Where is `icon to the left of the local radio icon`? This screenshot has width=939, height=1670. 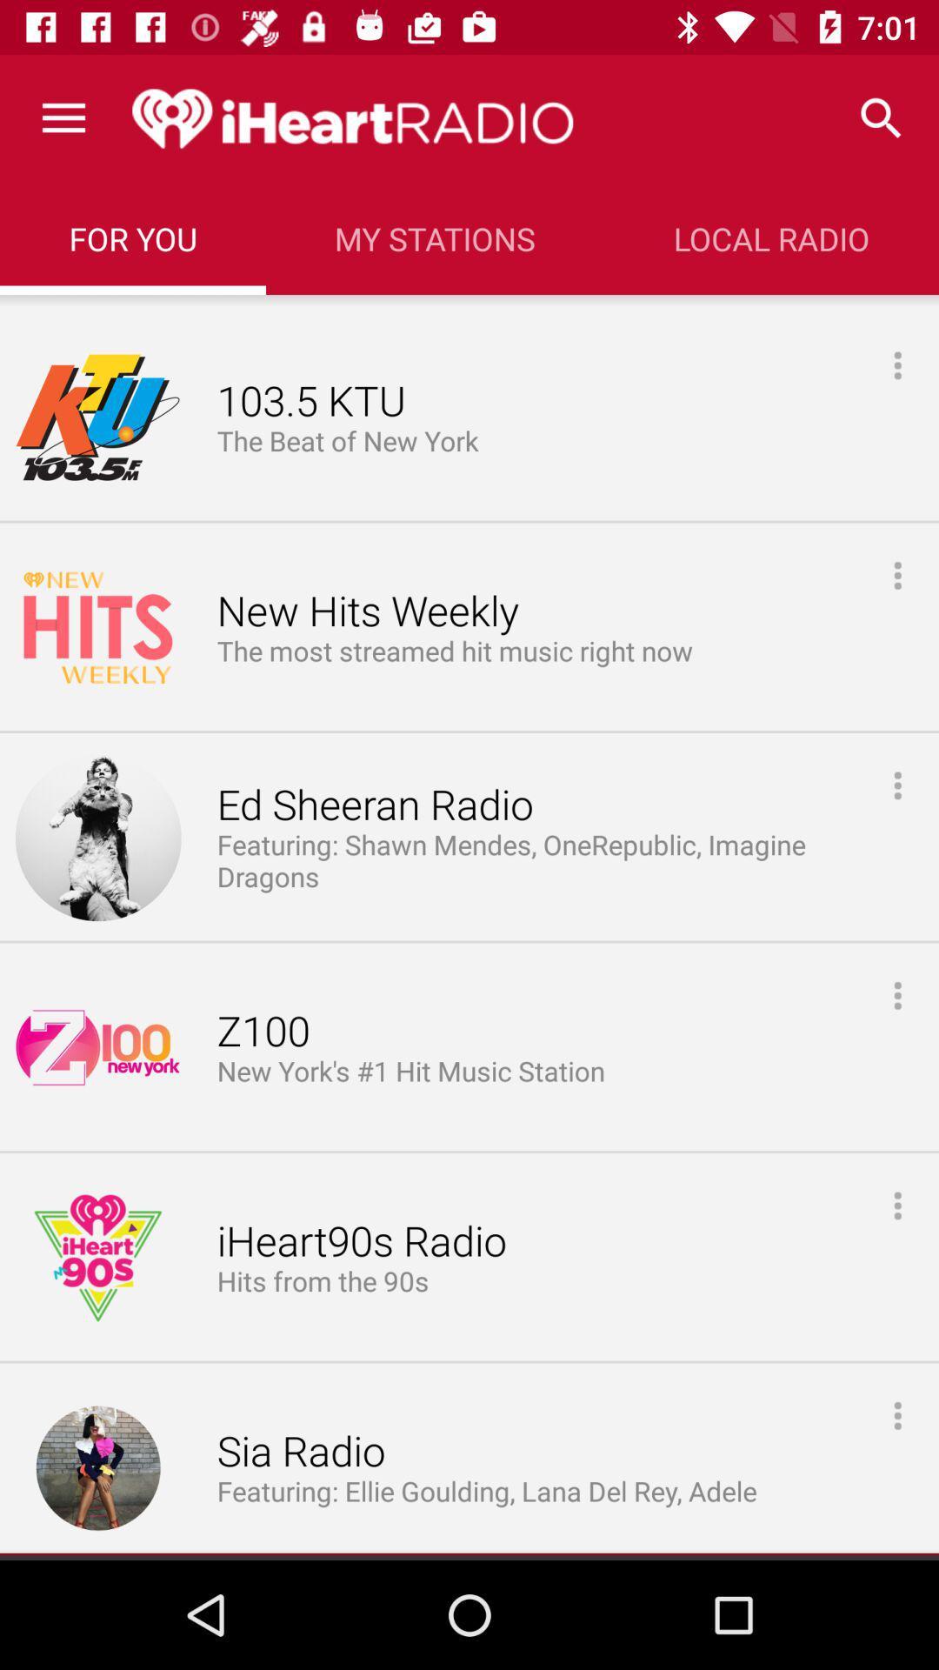 icon to the left of the local radio icon is located at coordinates (434, 237).